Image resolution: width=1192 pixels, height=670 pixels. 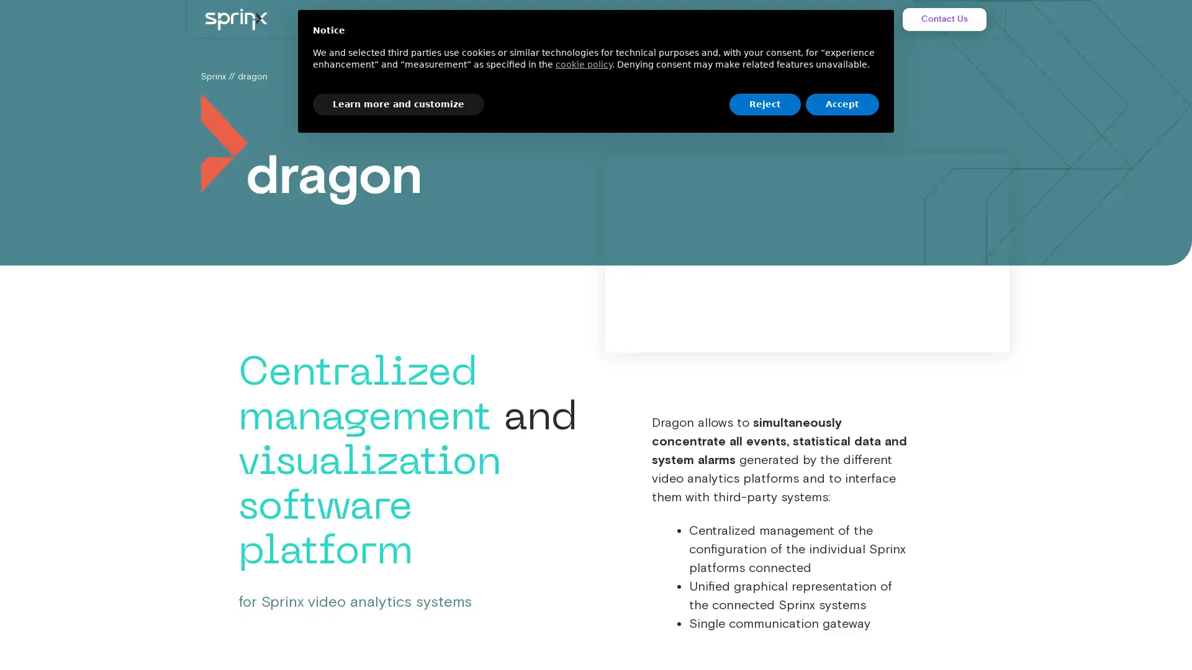 What do you see at coordinates (399, 104) in the screenshot?
I see `Learn more and customize` at bounding box center [399, 104].